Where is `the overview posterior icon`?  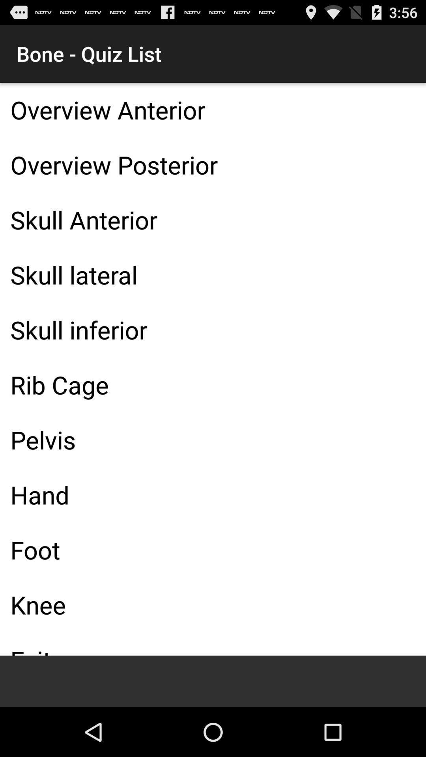 the overview posterior icon is located at coordinates (213, 164).